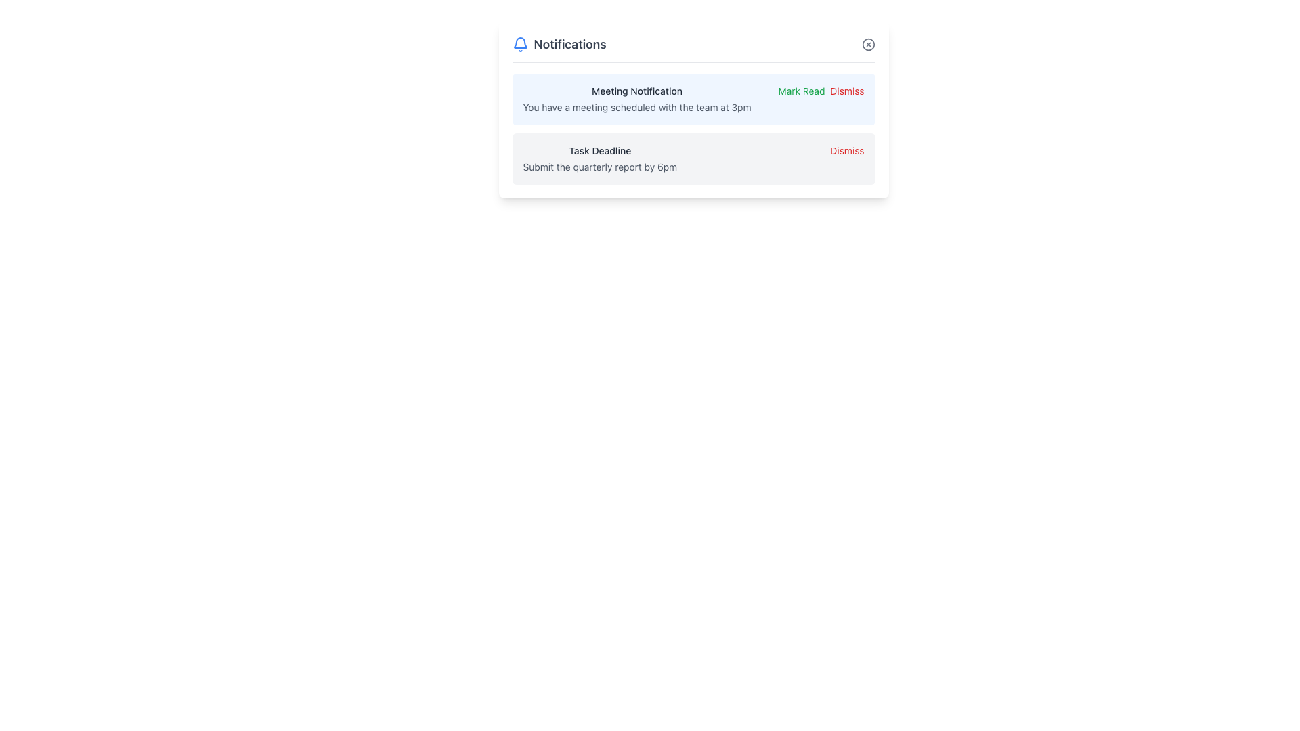 The height and width of the screenshot is (731, 1300). What do you see at coordinates (802, 91) in the screenshot?
I see `the 'Mark Read' button, which is styled in green text and located near the top-right corner of the notification box for 'Meeting Notification'` at bounding box center [802, 91].